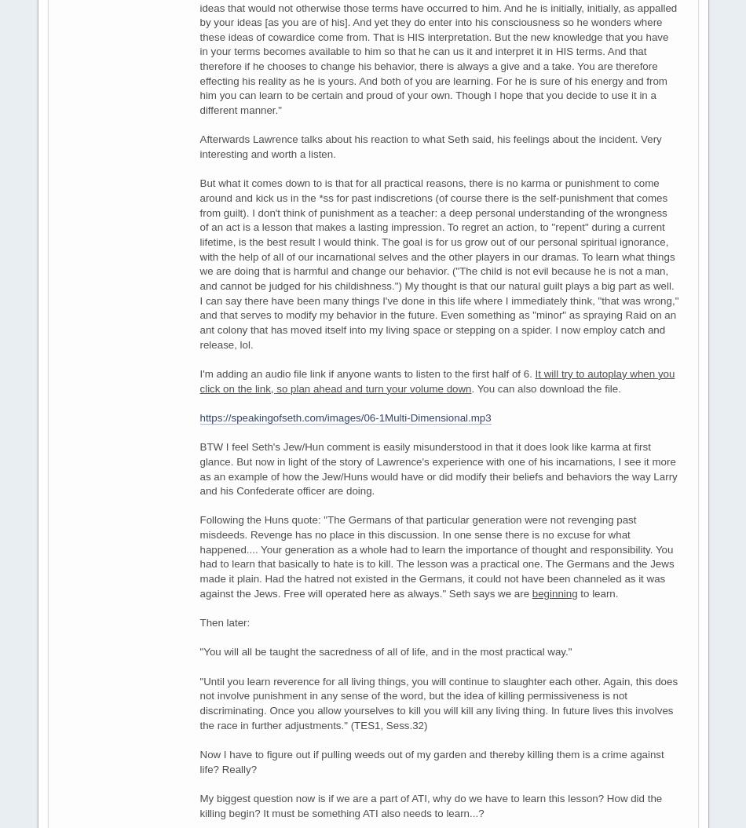  Describe the element at coordinates (199, 380) in the screenshot. I see `'It will try to autoplay when you click on the link, so plan ahead and turn your volume down'` at that location.